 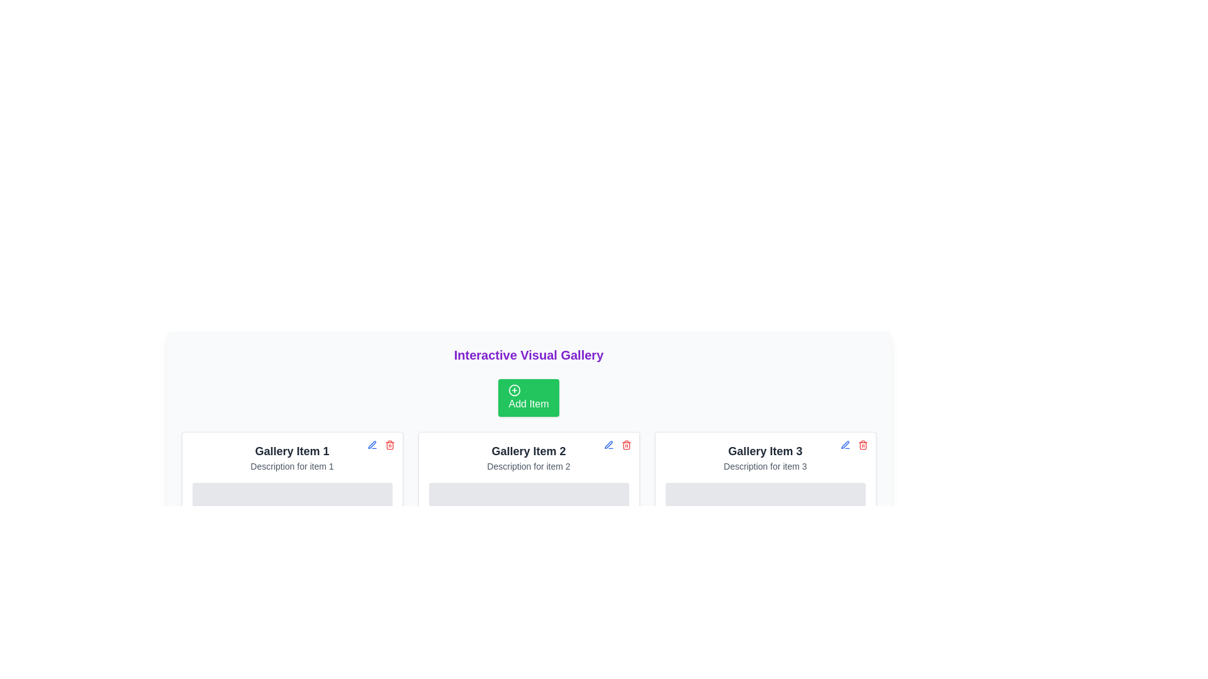 What do you see at coordinates (764, 523) in the screenshot?
I see `the visual placeholder located at the bottom of the third gallery card, directly below the title 'Gallery Item 3' and its description` at bounding box center [764, 523].